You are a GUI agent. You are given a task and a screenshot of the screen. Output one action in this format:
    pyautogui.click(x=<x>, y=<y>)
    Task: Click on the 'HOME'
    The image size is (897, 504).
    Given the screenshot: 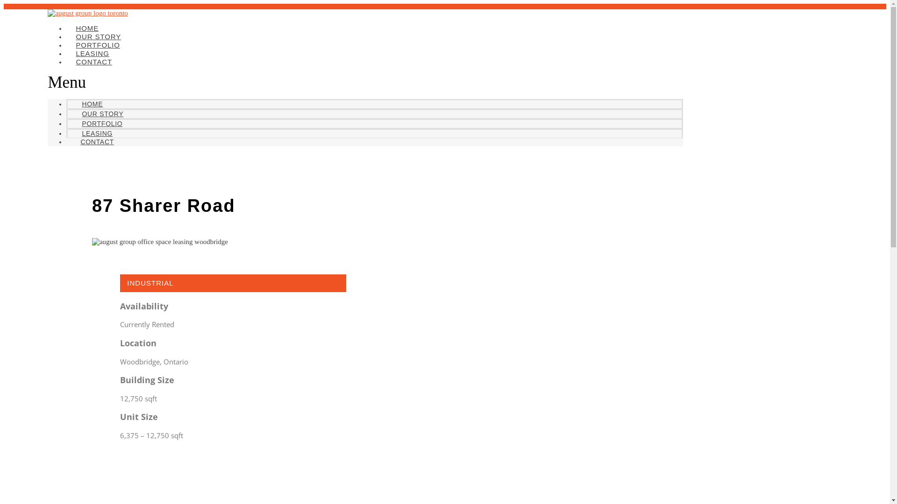 What is the action you would take?
    pyautogui.click(x=92, y=104)
    